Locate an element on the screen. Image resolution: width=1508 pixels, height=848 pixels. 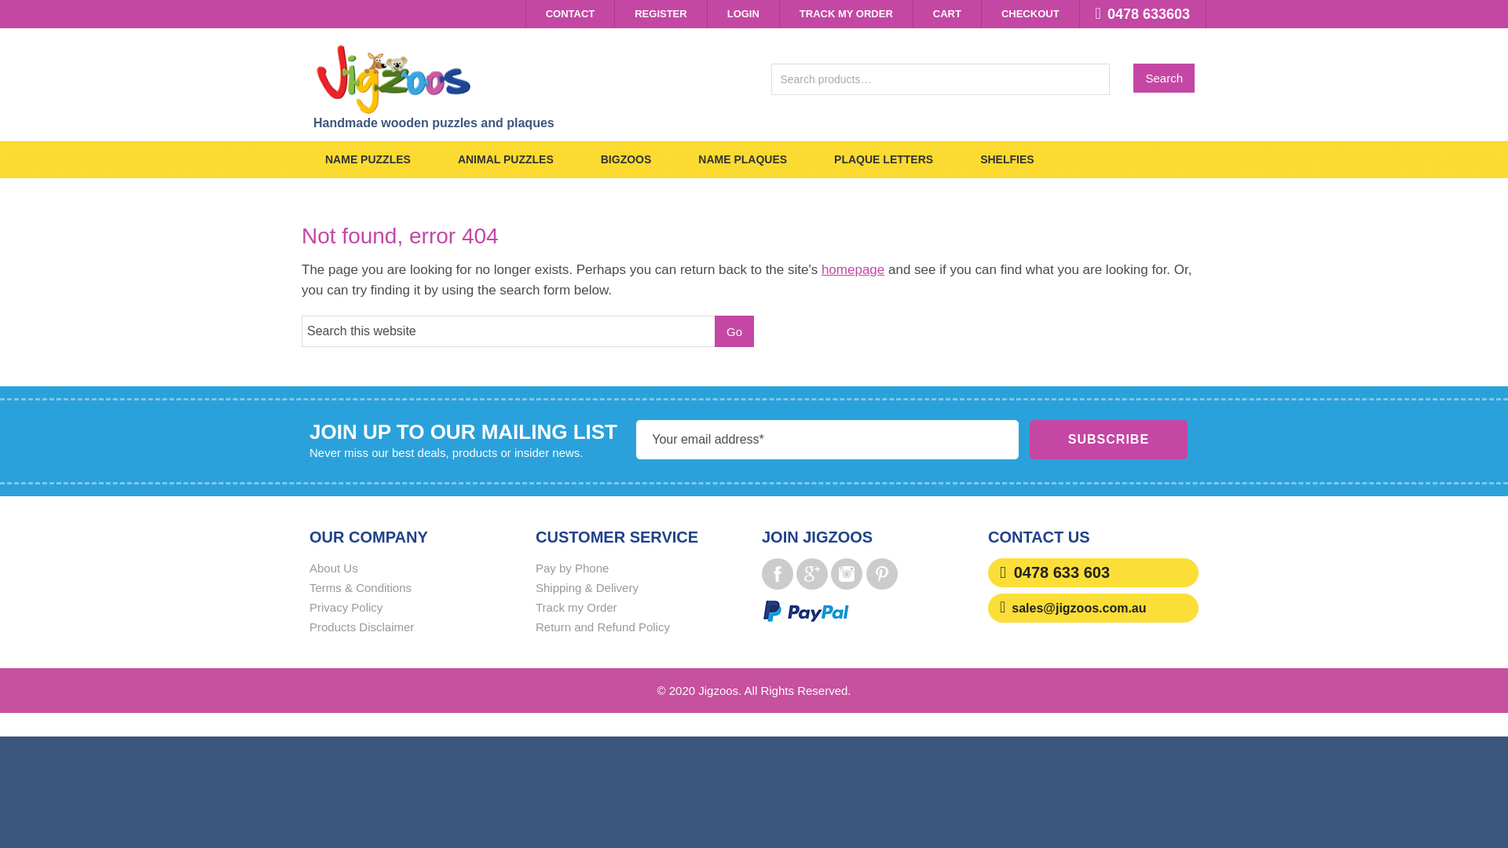
'homepage' is located at coordinates (851, 269).